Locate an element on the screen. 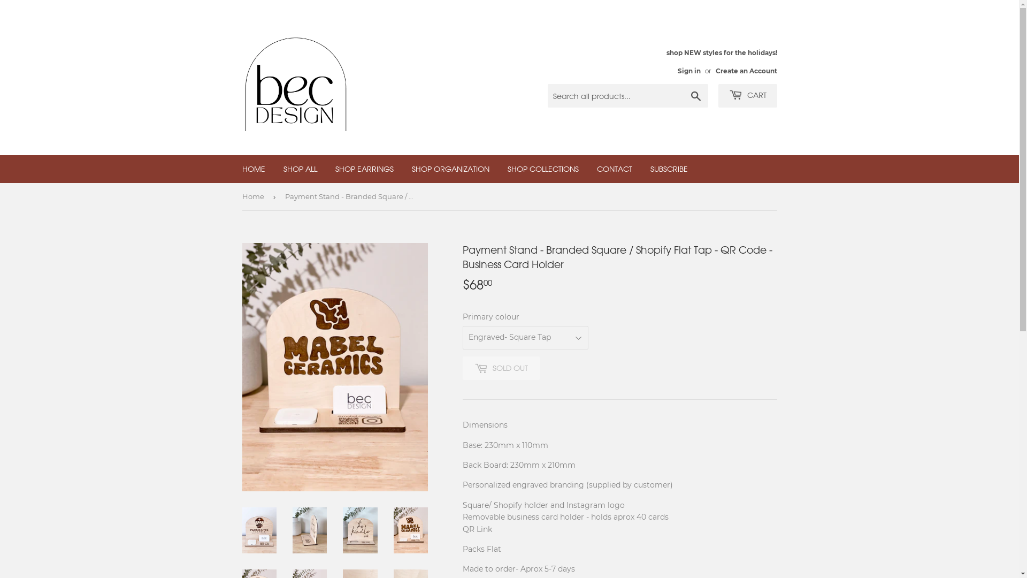 The width and height of the screenshot is (1027, 578). 'SHOP COLLECTIONS' is located at coordinates (543, 169).